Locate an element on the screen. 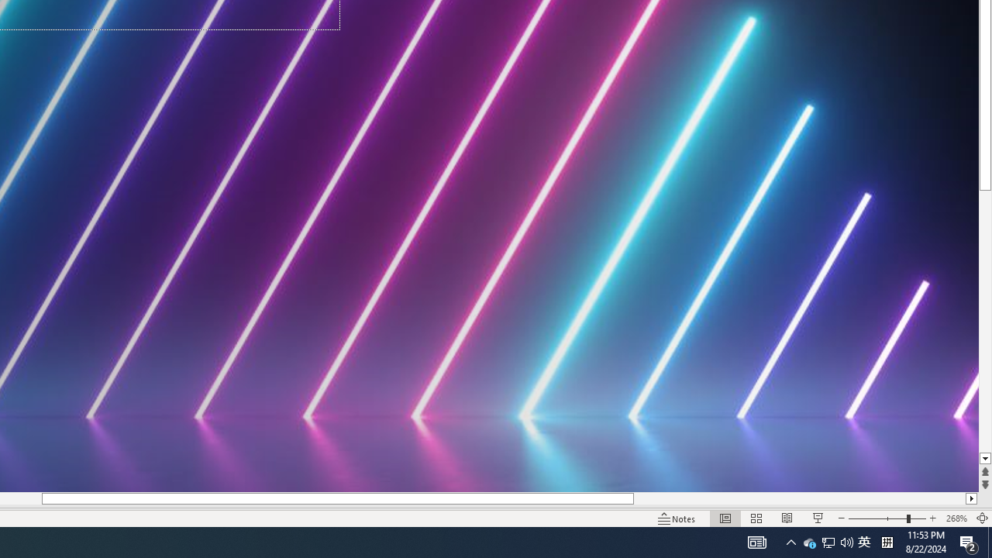 The image size is (992, 558). 'Zoom 268%' is located at coordinates (956, 518).